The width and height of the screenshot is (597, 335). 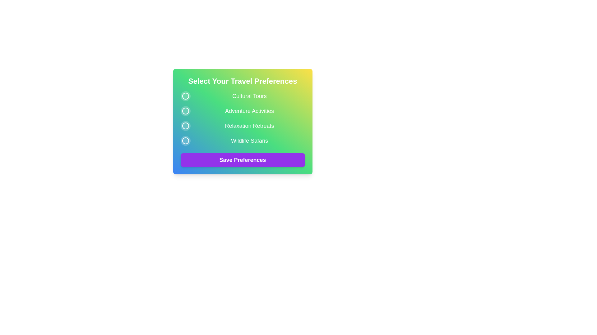 What do you see at coordinates (185, 96) in the screenshot?
I see `the preference button corresponding to Cultural Tours` at bounding box center [185, 96].